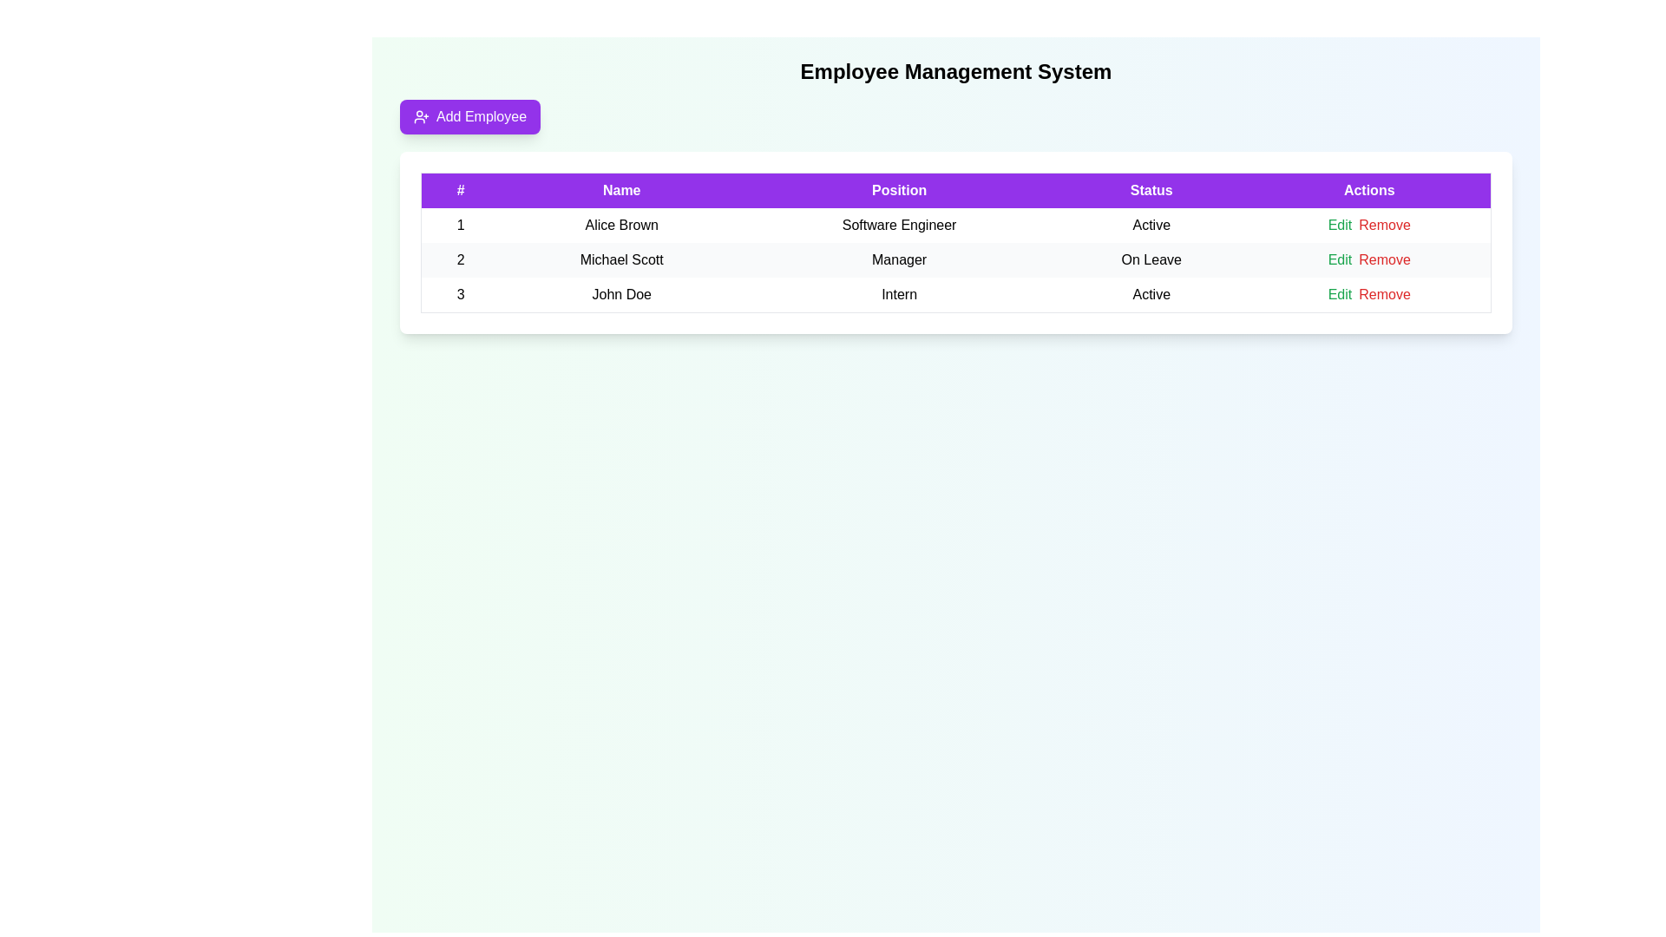  What do you see at coordinates (460, 294) in the screenshot?
I see `the static text displaying the number '3' in bold black text, located in the first column of the table under the '#' header for 'John Doe' in the third row` at bounding box center [460, 294].